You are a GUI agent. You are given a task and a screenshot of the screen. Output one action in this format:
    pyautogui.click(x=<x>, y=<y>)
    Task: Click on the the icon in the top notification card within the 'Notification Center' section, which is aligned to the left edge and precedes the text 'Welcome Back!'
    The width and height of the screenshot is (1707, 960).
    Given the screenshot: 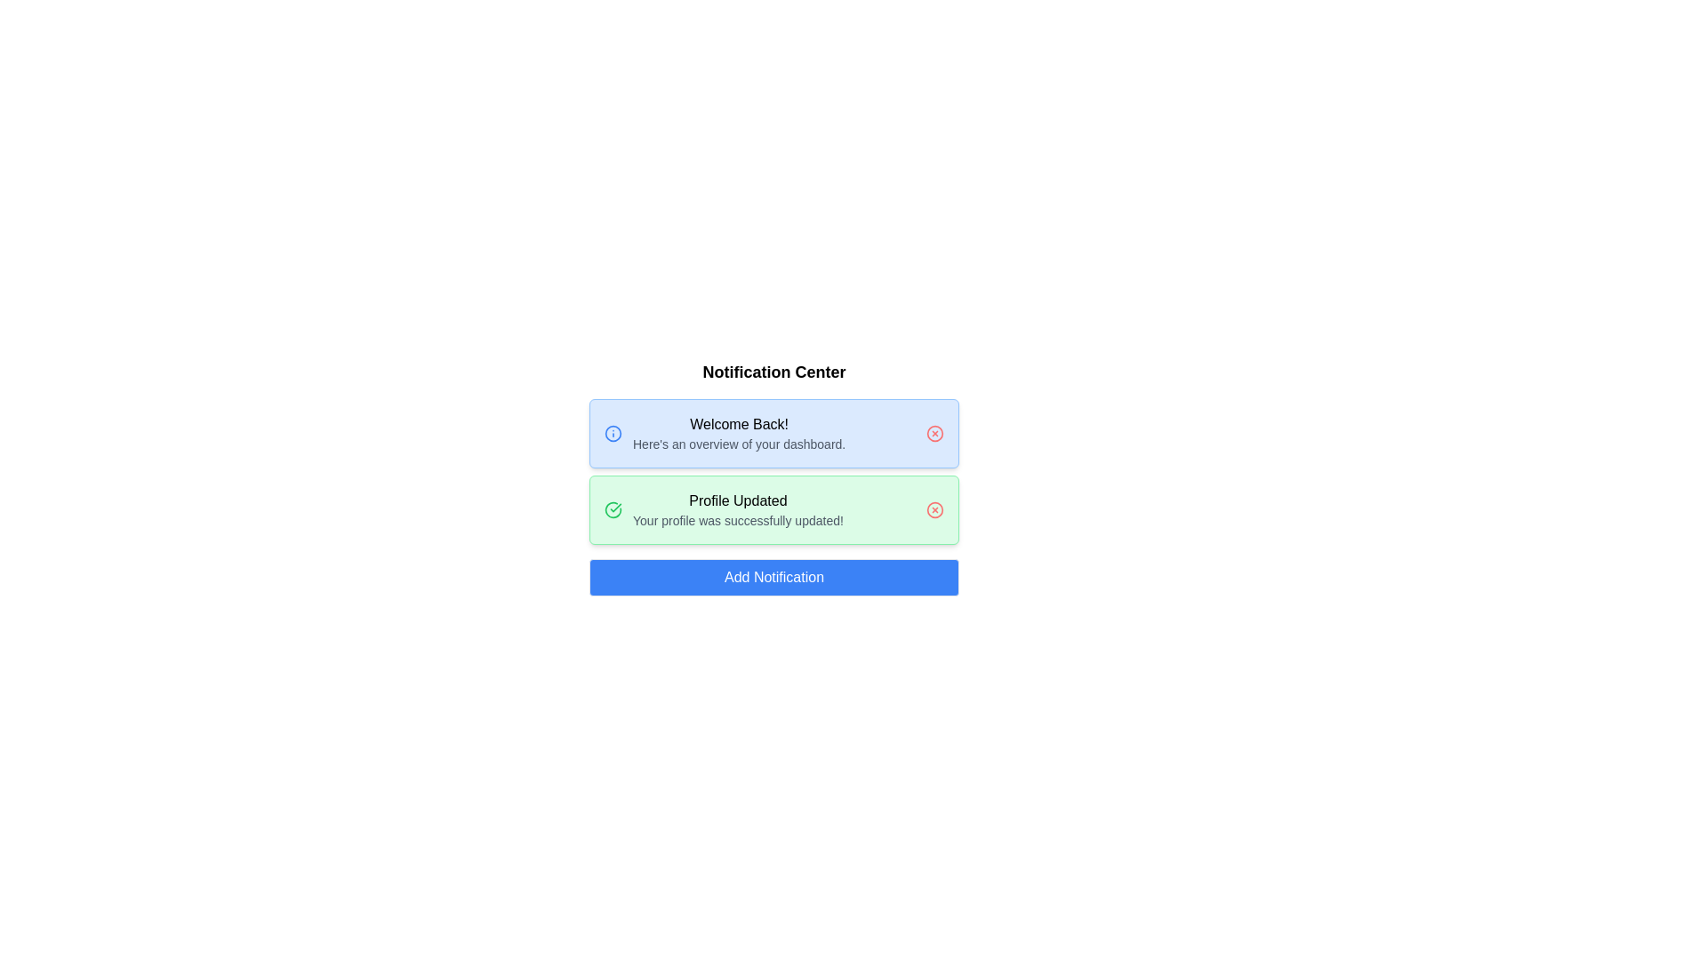 What is the action you would take?
    pyautogui.click(x=613, y=434)
    